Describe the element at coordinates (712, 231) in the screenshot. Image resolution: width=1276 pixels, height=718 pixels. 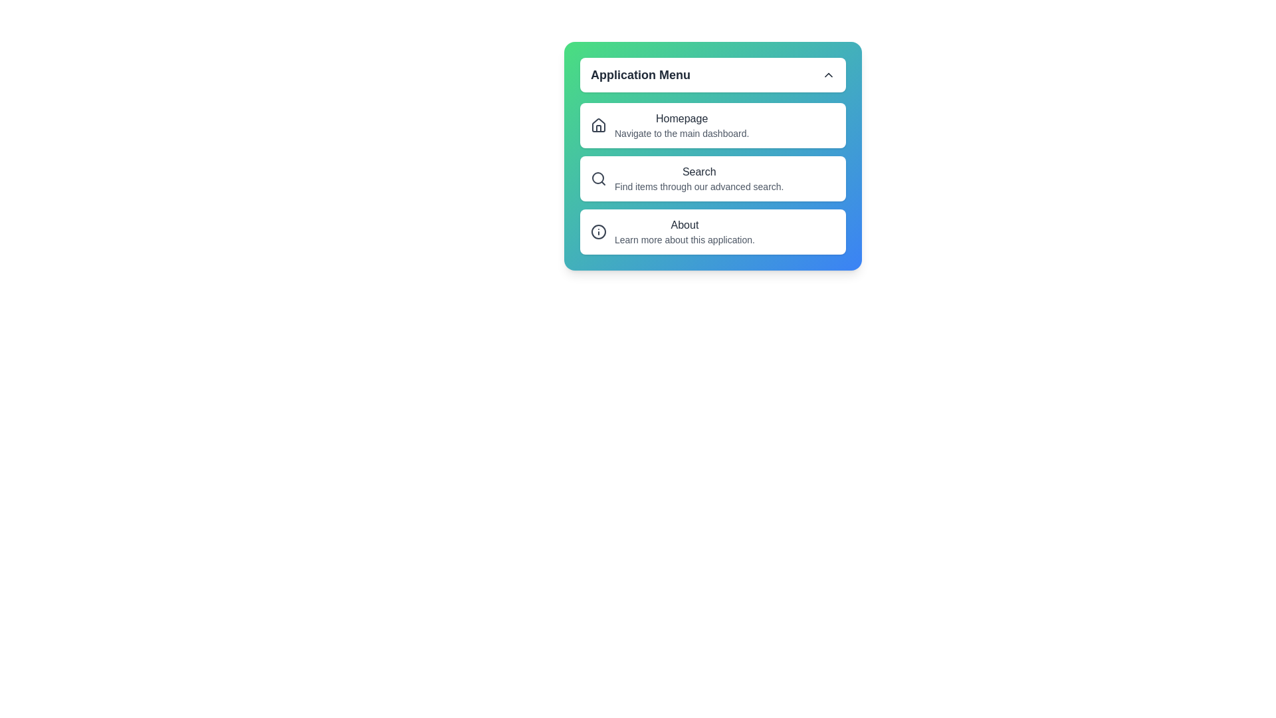
I see `the 'About' menu option to navigate to the corresponding section` at that location.